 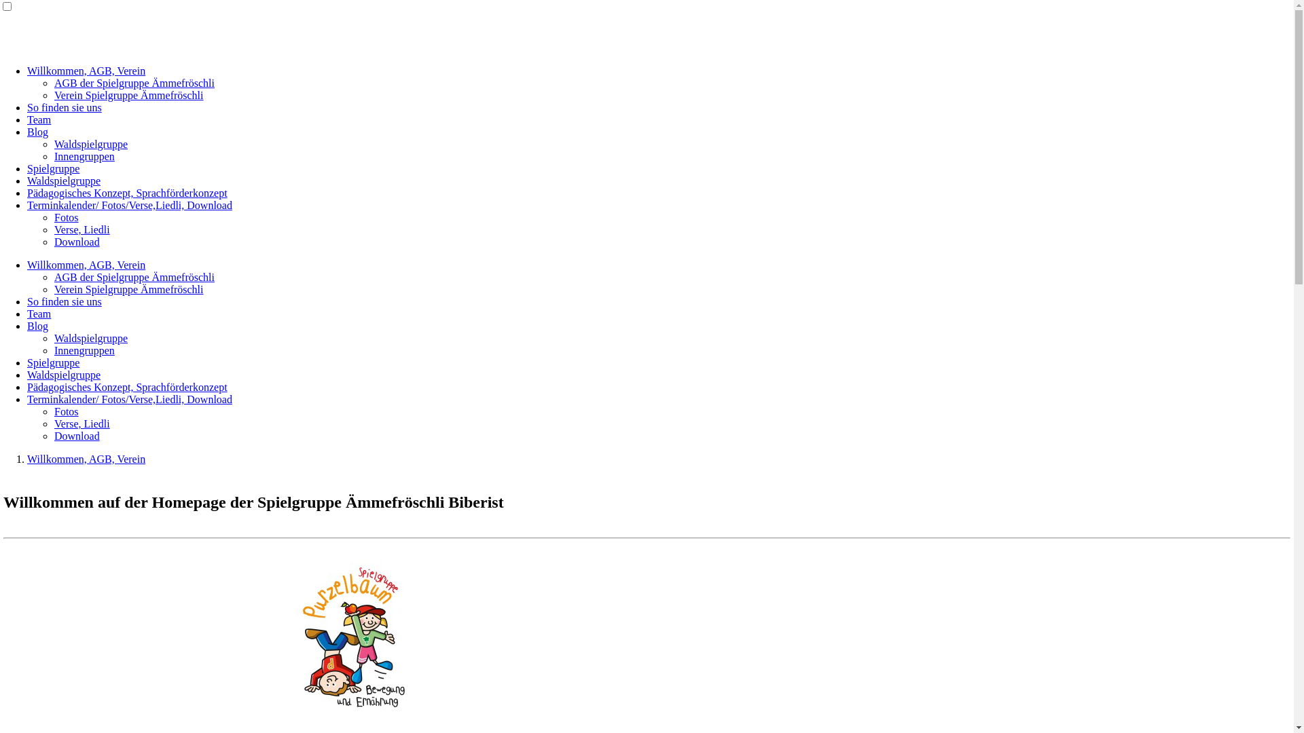 I want to click on 'Blog', so click(x=37, y=132).